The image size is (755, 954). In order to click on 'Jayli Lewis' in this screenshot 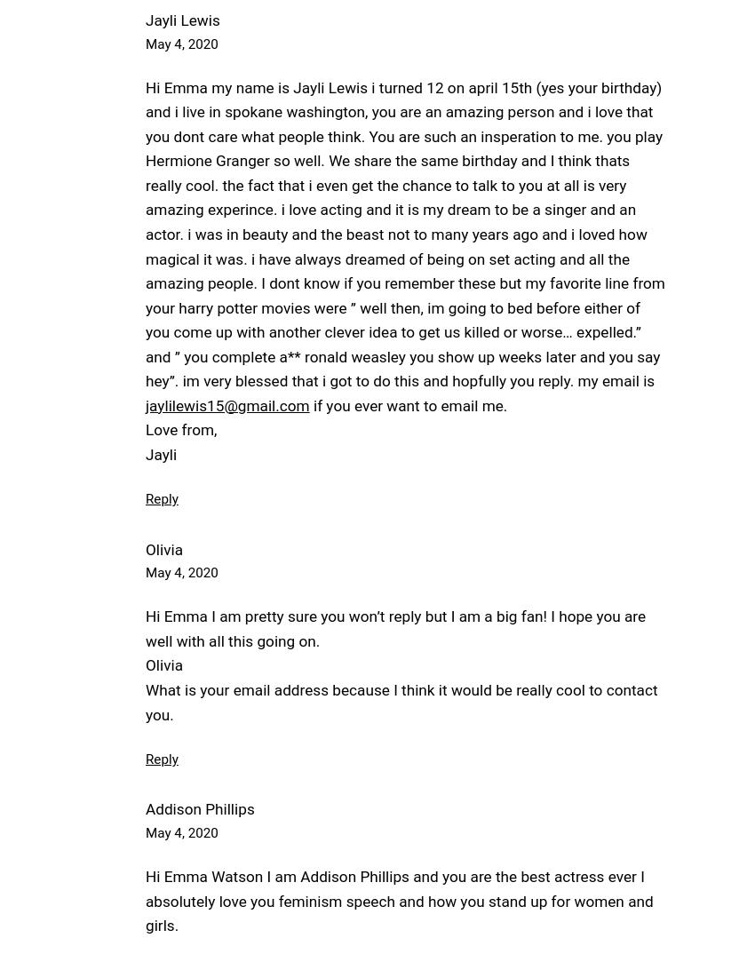, I will do `click(181, 19)`.